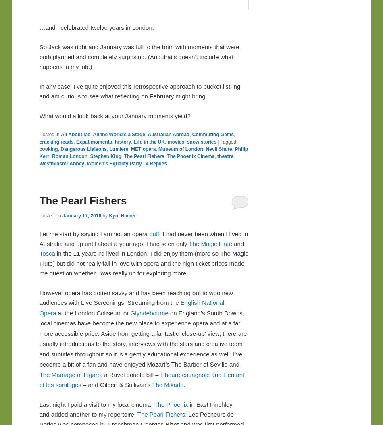 This screenshot has width=383, height=425. Describe the element at coordinates (114, 163) in the screenshot. I see `'Women's Equality Party'` at that location.